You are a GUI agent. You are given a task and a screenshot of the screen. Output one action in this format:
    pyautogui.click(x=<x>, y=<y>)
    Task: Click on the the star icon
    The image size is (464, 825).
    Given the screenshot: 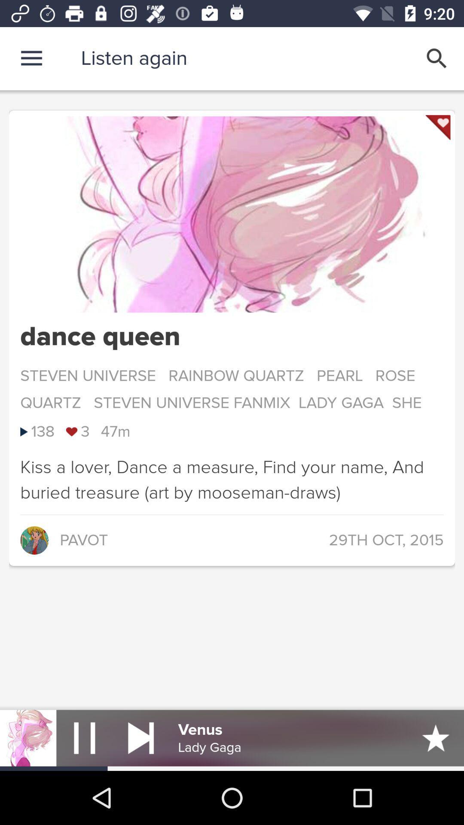 What is the action you would take?
    pyautogui.click(x=436, y=737)
    